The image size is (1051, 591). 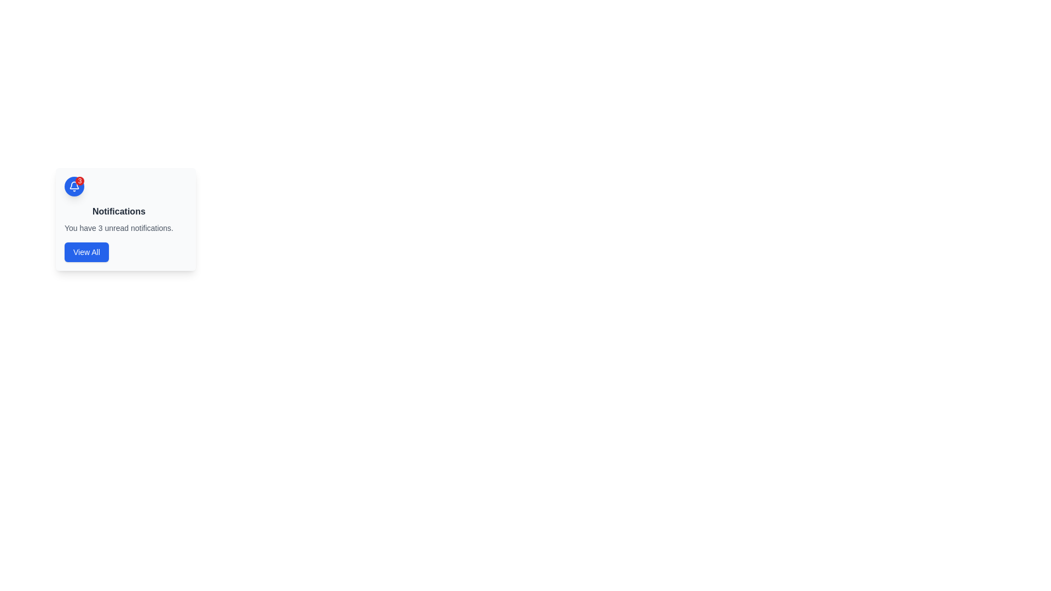 I want to click on on the small circular notification badge with a red background located at the top-right corner of the blue circular icon containing a white bell symbol, so click(x=73, y=186).